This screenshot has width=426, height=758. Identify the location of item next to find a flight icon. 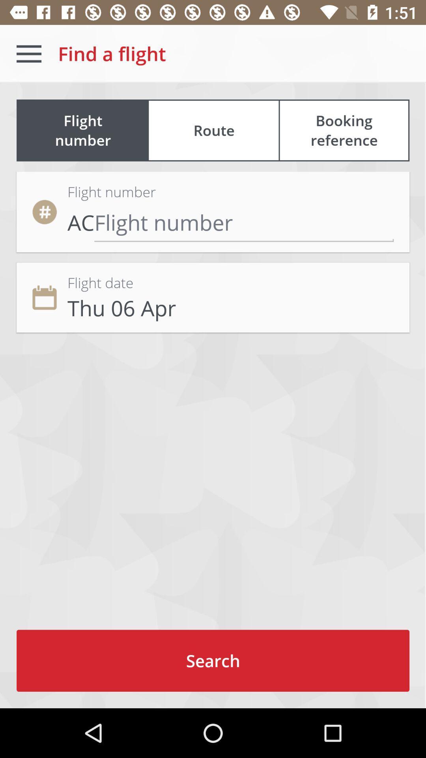
(28, 53).